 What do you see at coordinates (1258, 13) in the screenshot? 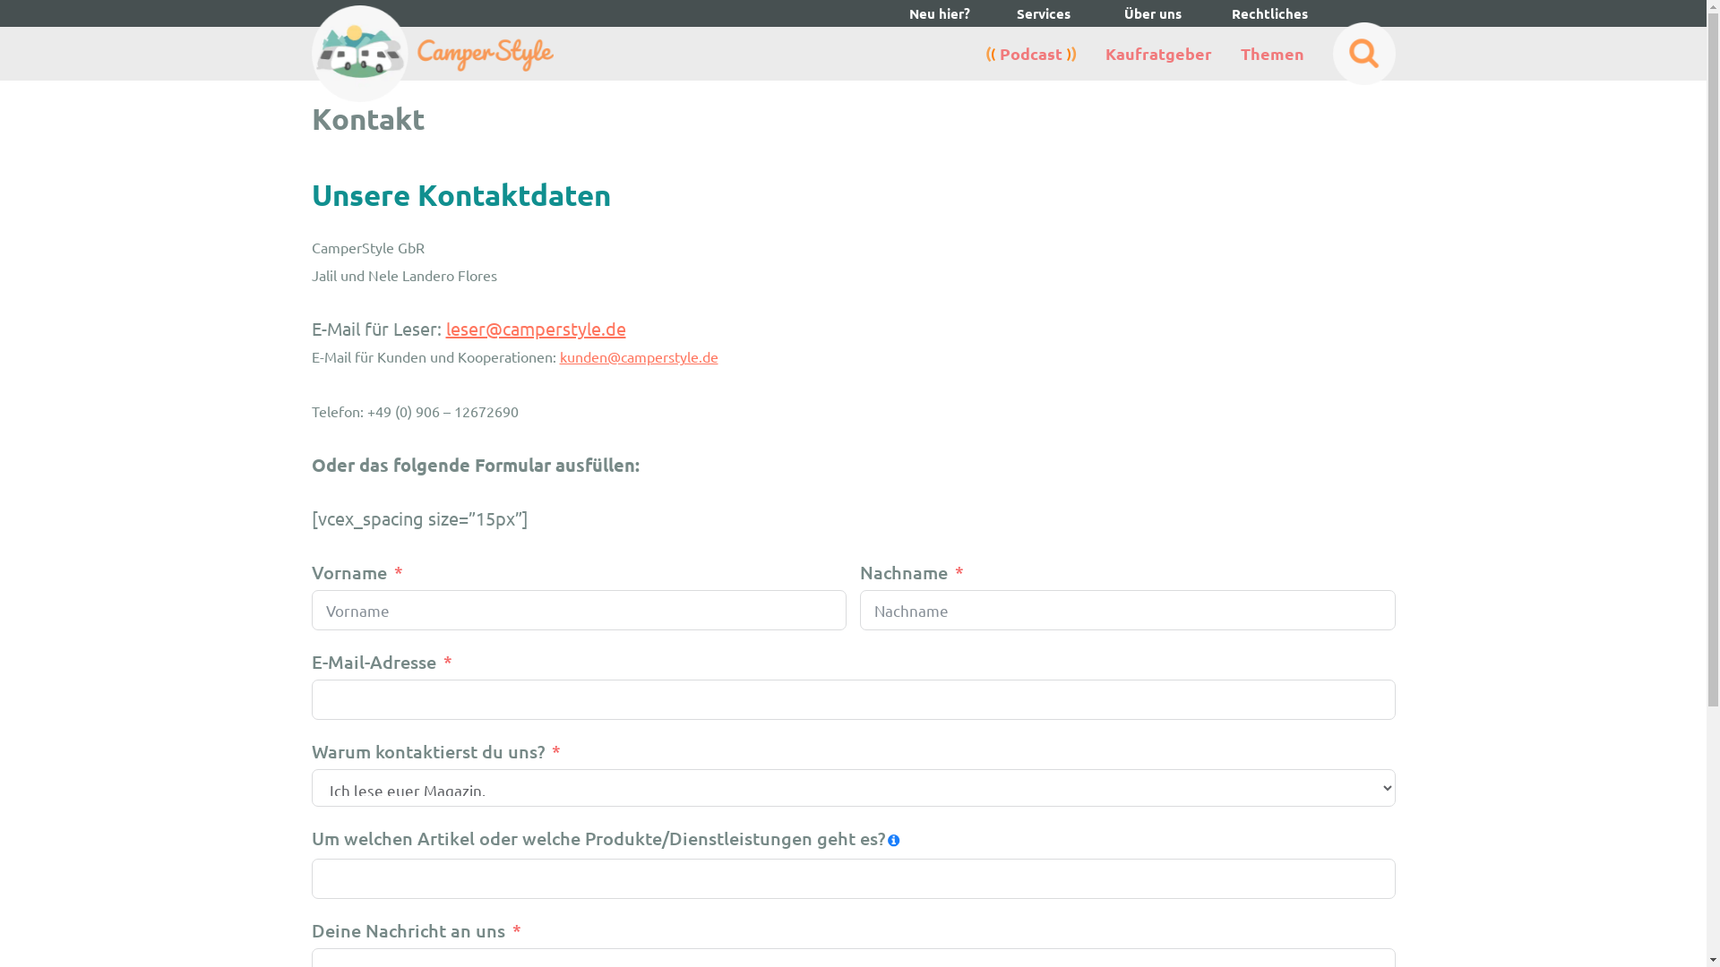
I see `'Rechtliches'` at bounding box center [1258, 13].